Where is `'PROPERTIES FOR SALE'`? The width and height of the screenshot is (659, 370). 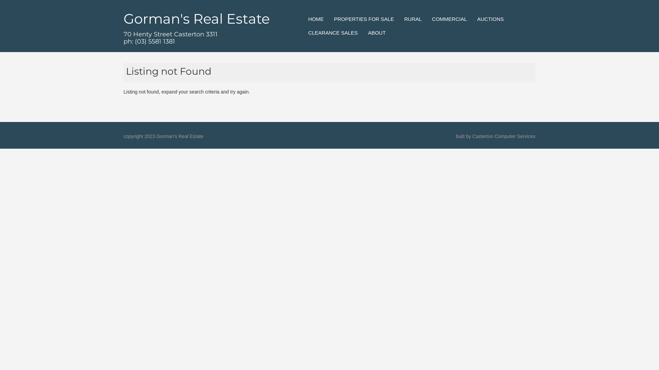 'PROPERTIES FOR SALE' is located at coordinates (334, 19).